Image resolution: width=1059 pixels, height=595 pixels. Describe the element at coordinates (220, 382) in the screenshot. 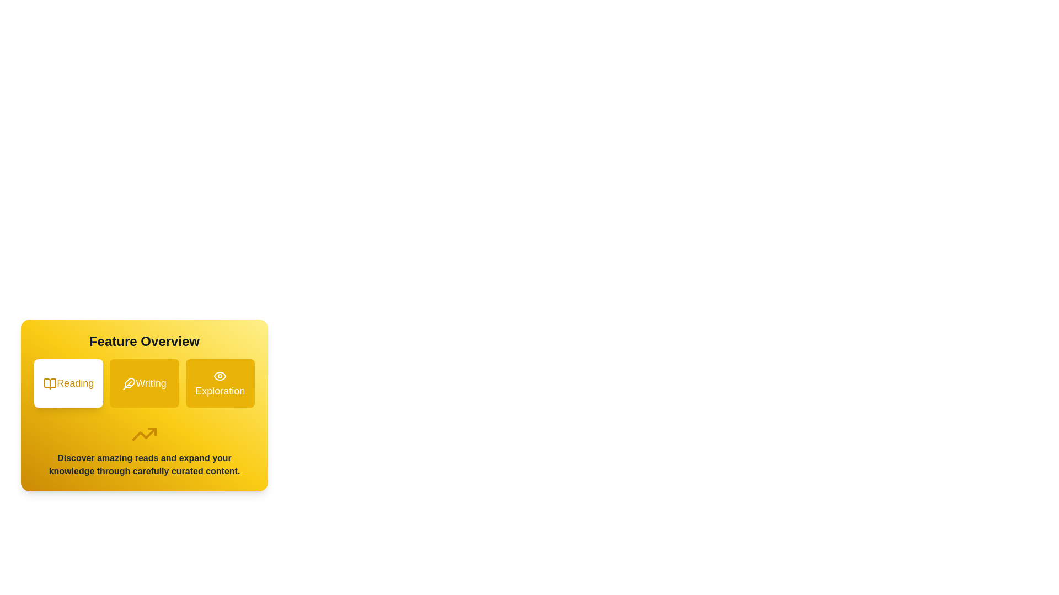

I see `the rightmost button in the horizontally arranged group of three buttons under the 'Feature Overview' header` at that location.